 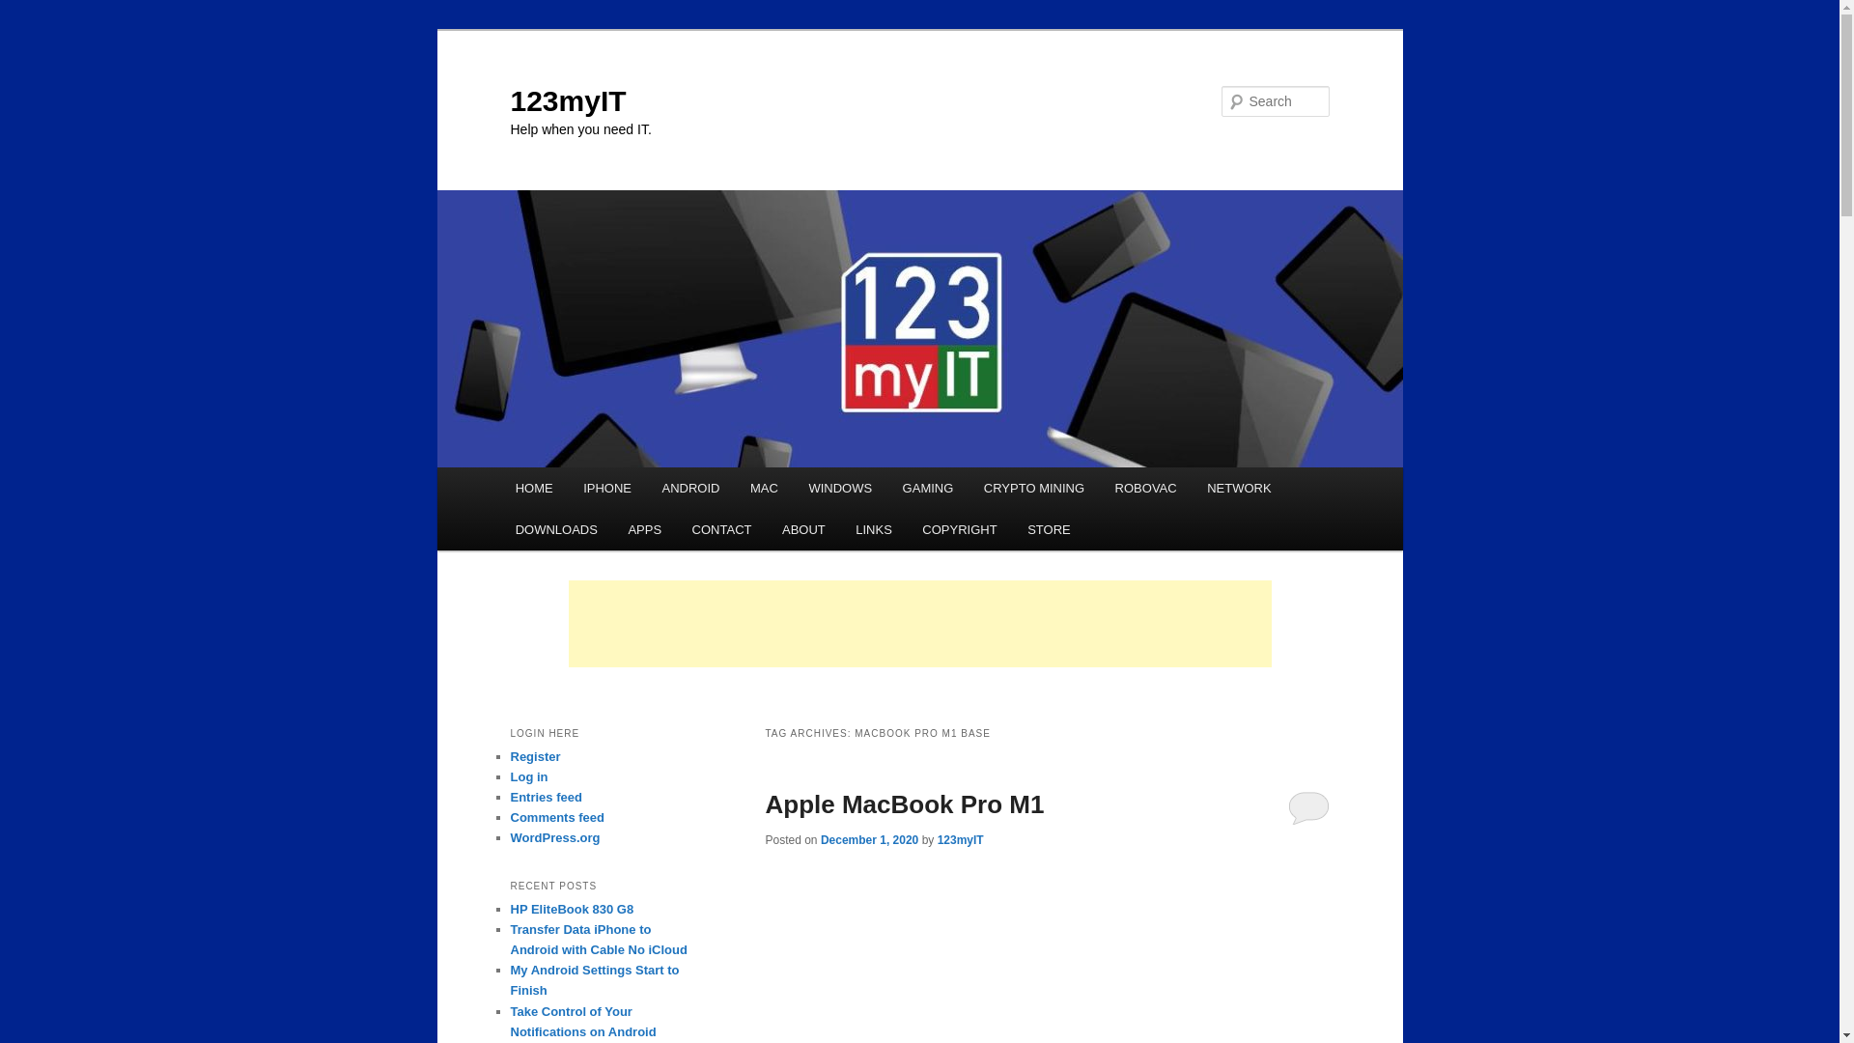 What do you see at coordinates (555, 529) in the screenshot?
I see `'DOWNLOADS'` at bounding box center [555, 529].